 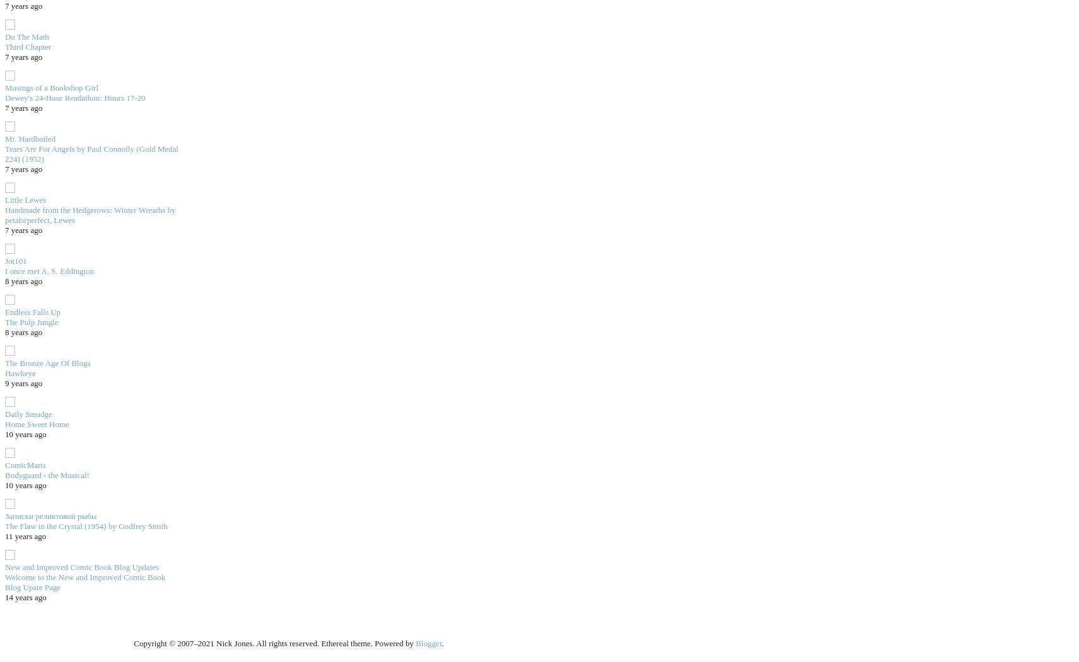 I want to click on 'Do The Math', so click(x=26, y=35).